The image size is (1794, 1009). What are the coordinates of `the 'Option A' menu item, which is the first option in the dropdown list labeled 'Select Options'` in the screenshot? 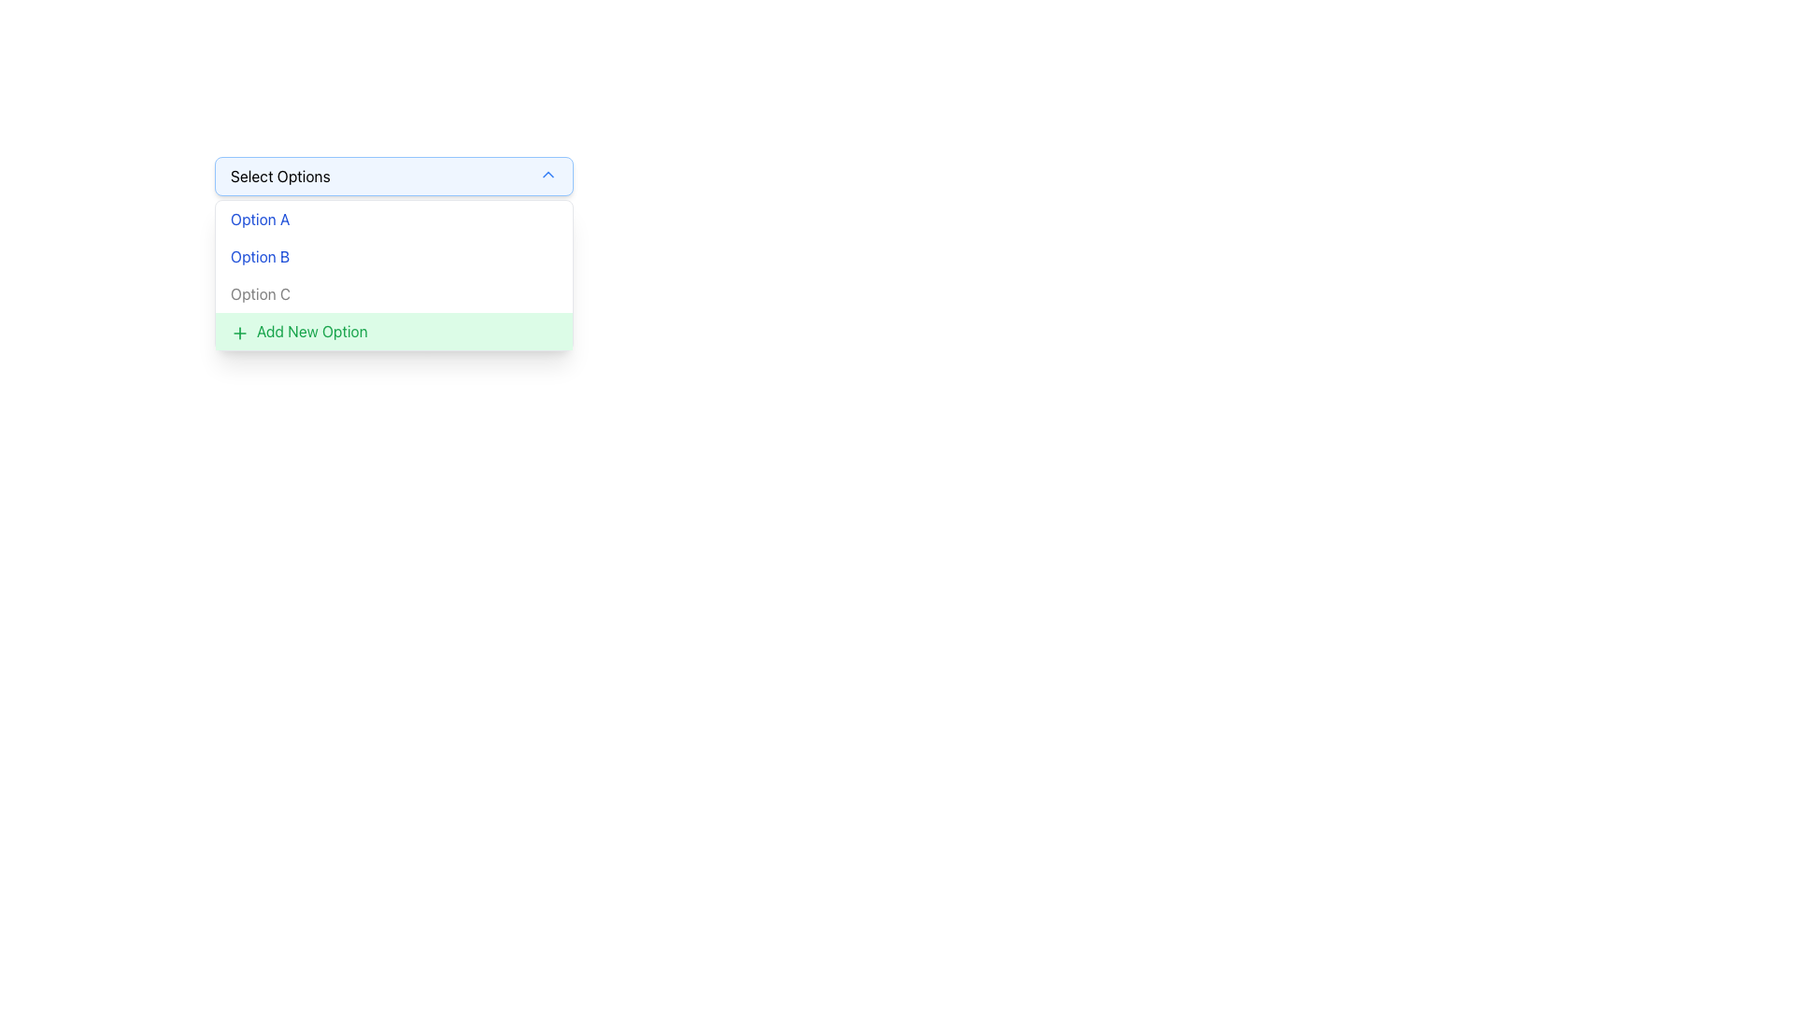 It's located at (393, 219).